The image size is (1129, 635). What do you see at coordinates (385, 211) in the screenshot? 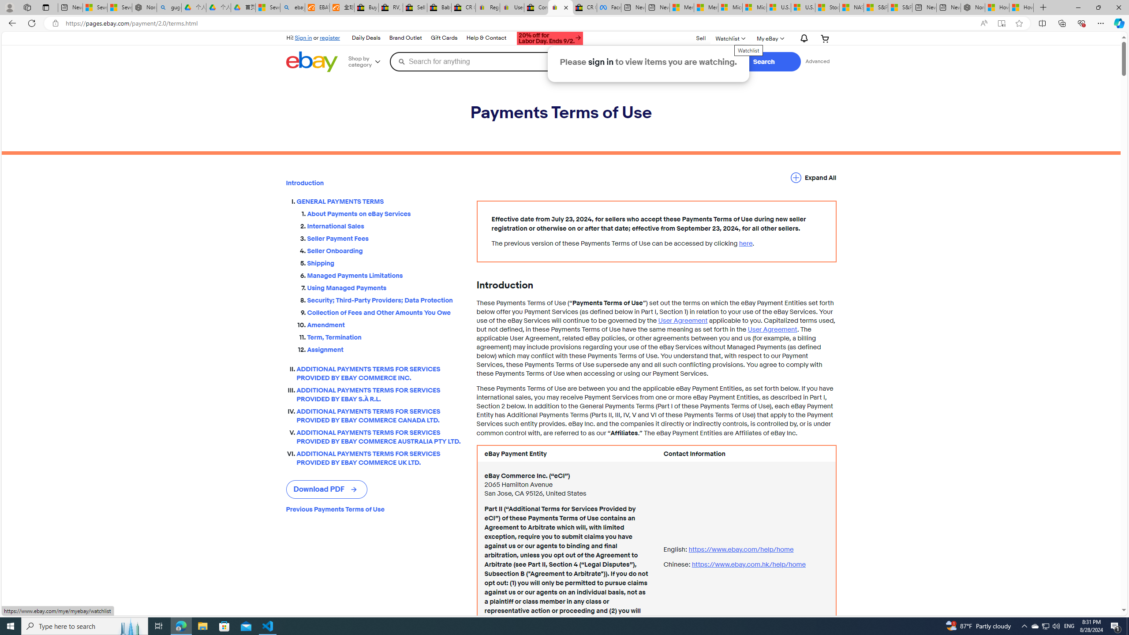
I see `'About Payments on eBay Services'` at bounding box center [385, 211].